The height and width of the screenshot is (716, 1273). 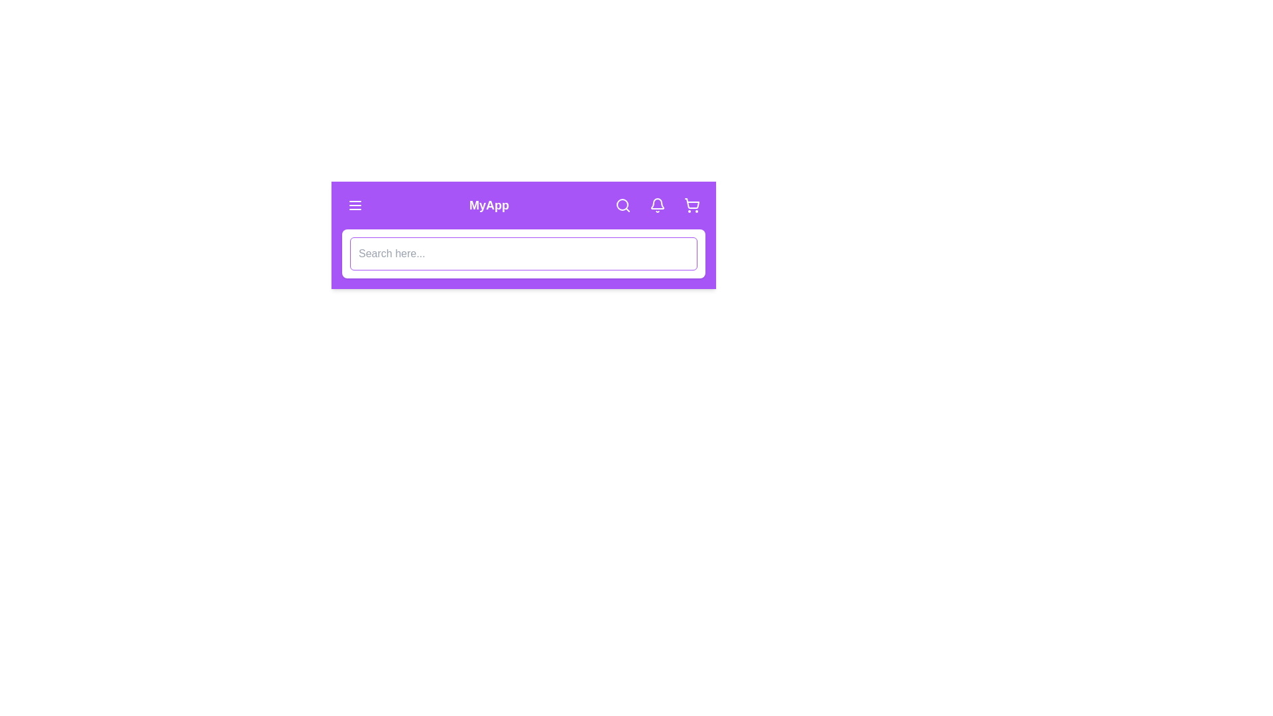 What do you see at coordinates (355, 205) in the screenshot?
I see `the menu icon located at the top-left corner of the StylishAppBar` at bounding box center [355, 205].